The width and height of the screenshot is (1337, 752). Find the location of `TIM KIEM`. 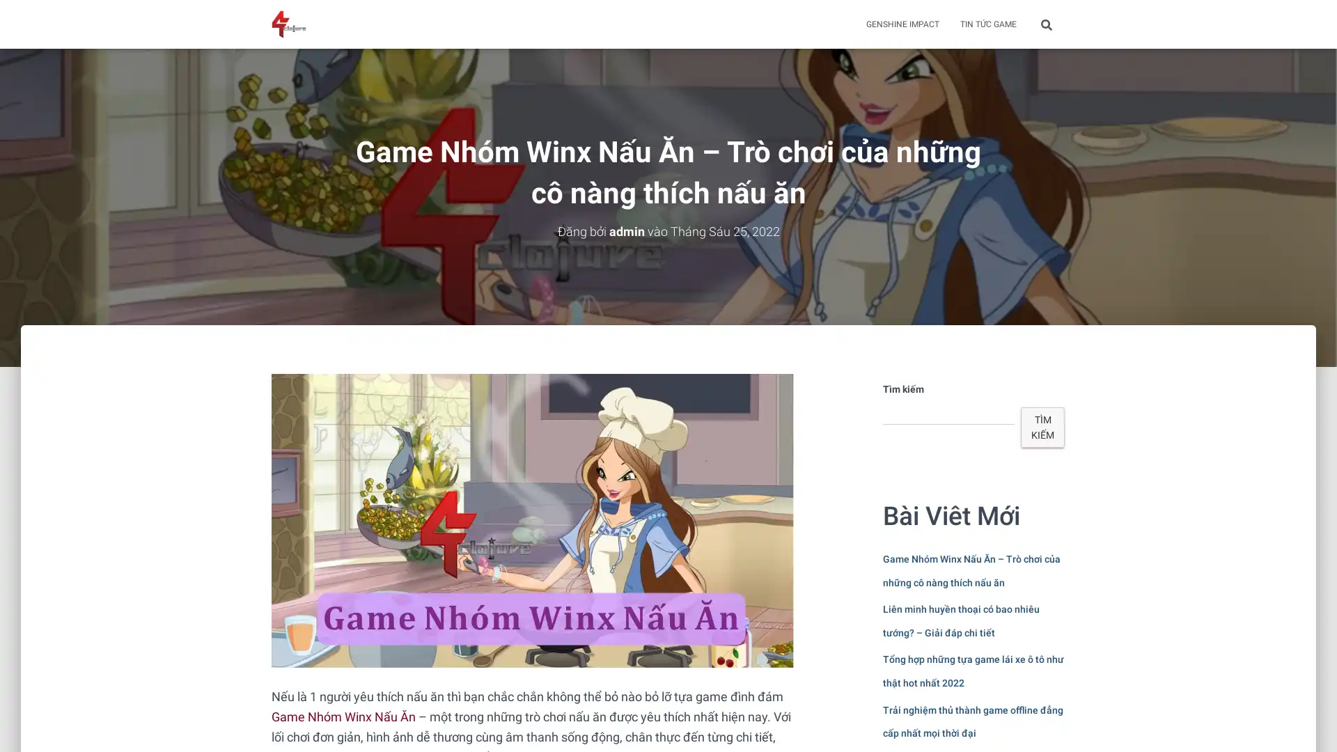

TIM KIEM is located at coordinates (1042, 426).